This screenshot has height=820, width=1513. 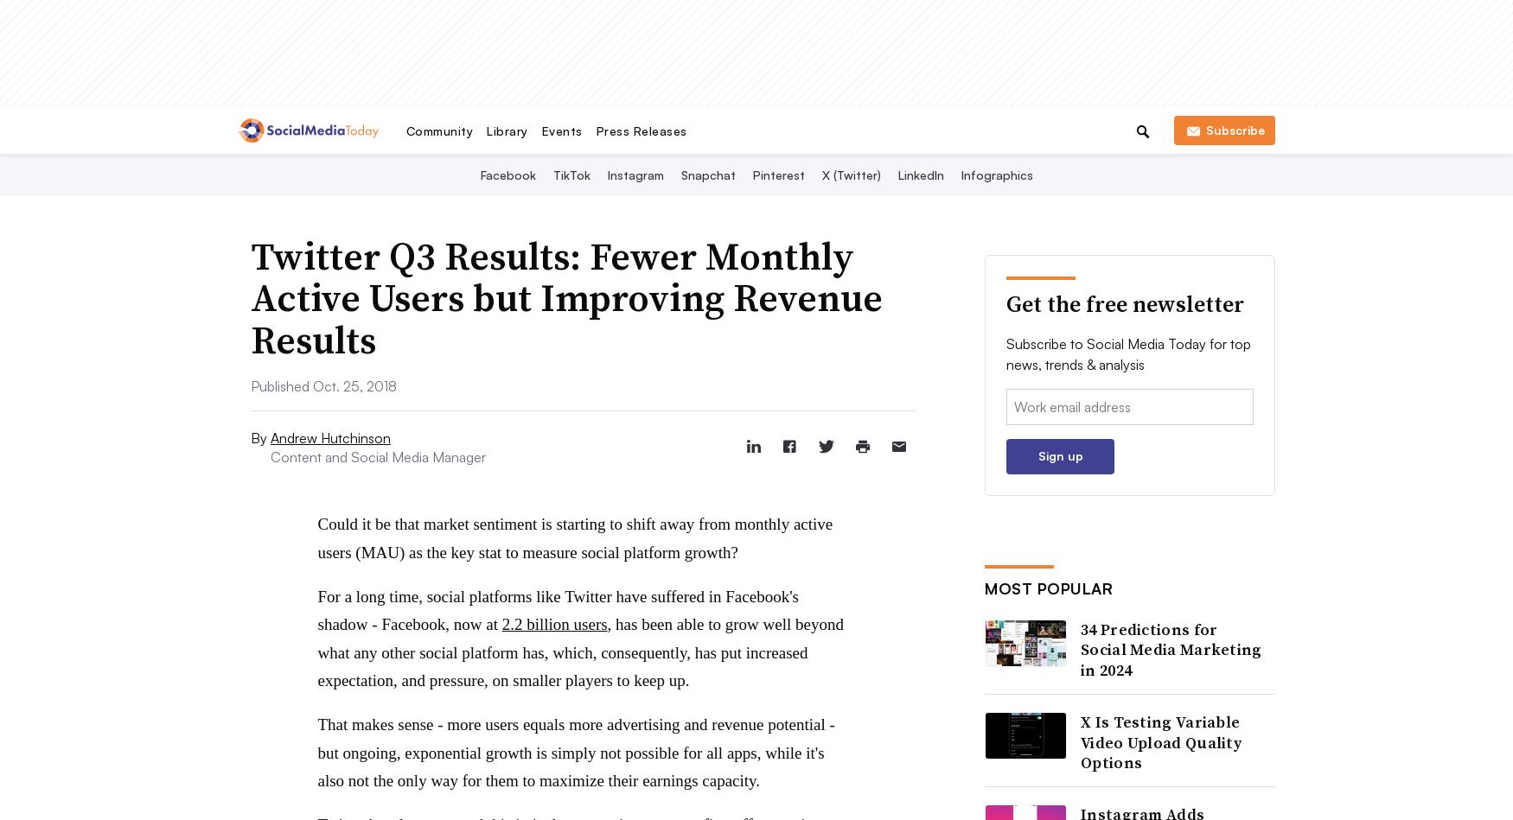 I want to click on 'Facebook', so click(x=507, y=174).